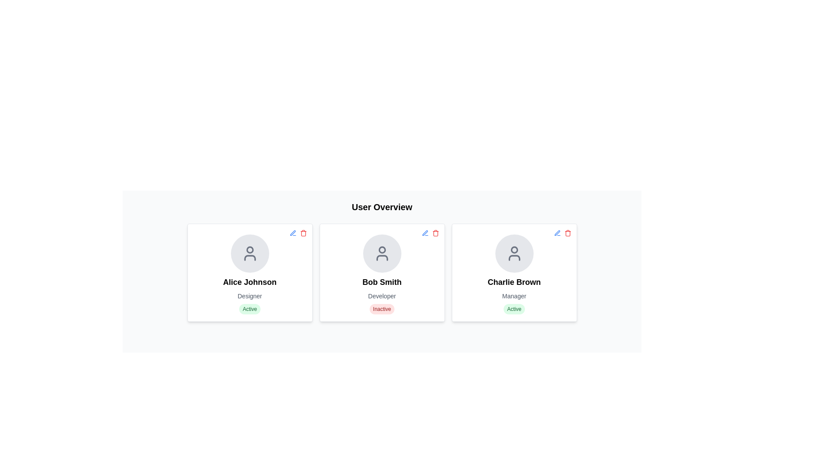 Image resolution: width=835 pixels, height=469 pixels. Describe the element at coordinates (249, 253) in the screenshot. I see `the function associated with the user avatar icon located at the top center of the leftmost profile card, which contains the user details` at that location.